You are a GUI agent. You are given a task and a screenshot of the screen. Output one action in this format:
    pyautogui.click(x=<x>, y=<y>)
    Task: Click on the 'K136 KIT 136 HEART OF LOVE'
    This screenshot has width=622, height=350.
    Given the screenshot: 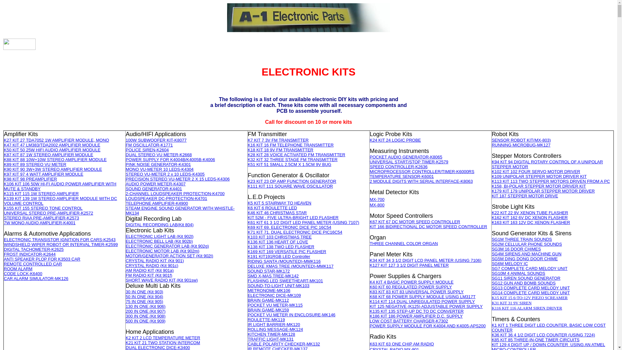 What is the action you would take?
    pyautogui.click(x=278, y=242)
    